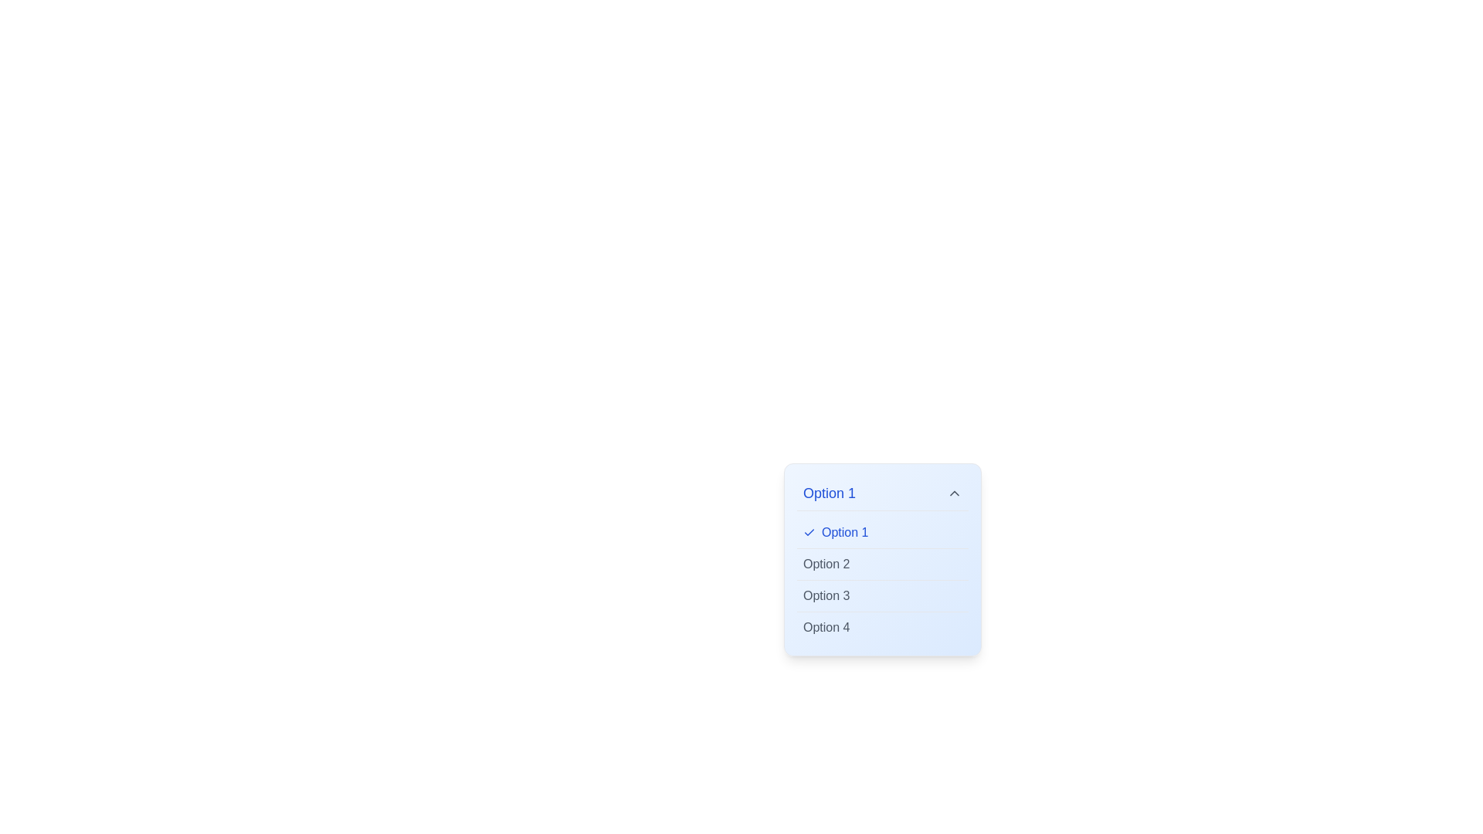  What do you see at coordinates (882, 627) in the screenshot?
I see `the selectable list option labeled 'Option 4' in the dropdown menu` at bounding box center [882, 627].